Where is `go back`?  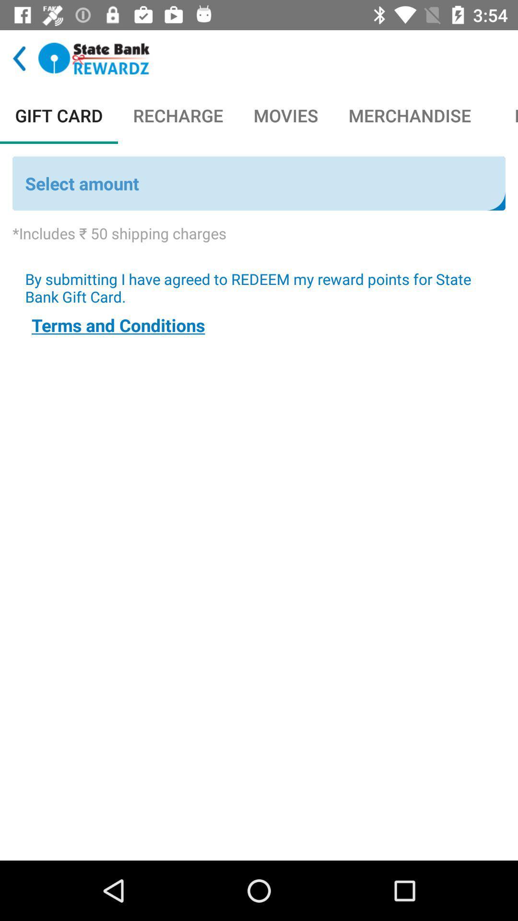
go back is located at coordinates (94, 58).